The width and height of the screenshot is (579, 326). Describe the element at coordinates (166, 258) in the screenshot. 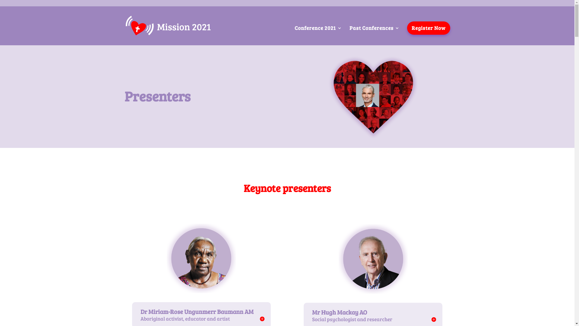

I see `'Miriam-Rose Ungunmerr-Baumann'` at that location.